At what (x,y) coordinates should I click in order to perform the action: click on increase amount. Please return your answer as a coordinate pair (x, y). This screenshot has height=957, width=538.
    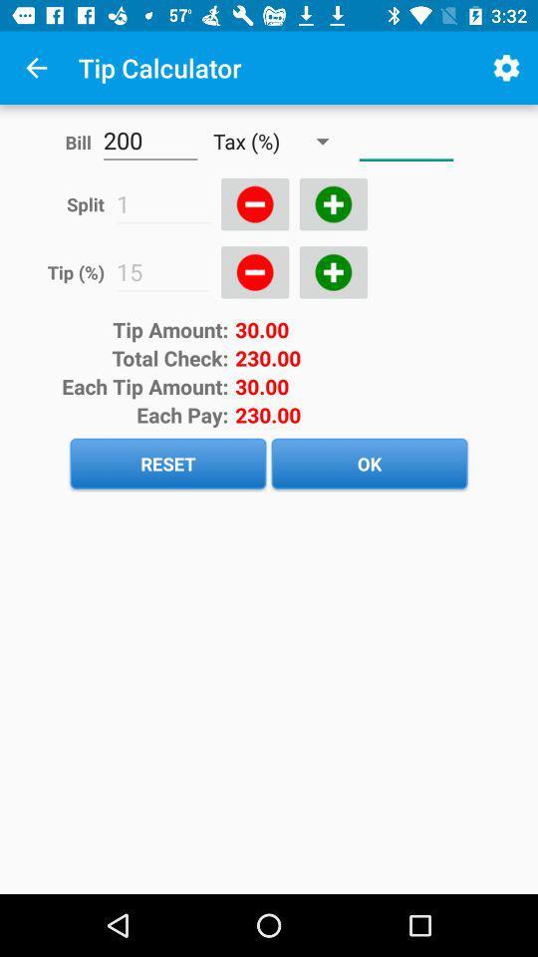
    Looking at the image, I should click on (333, 271).